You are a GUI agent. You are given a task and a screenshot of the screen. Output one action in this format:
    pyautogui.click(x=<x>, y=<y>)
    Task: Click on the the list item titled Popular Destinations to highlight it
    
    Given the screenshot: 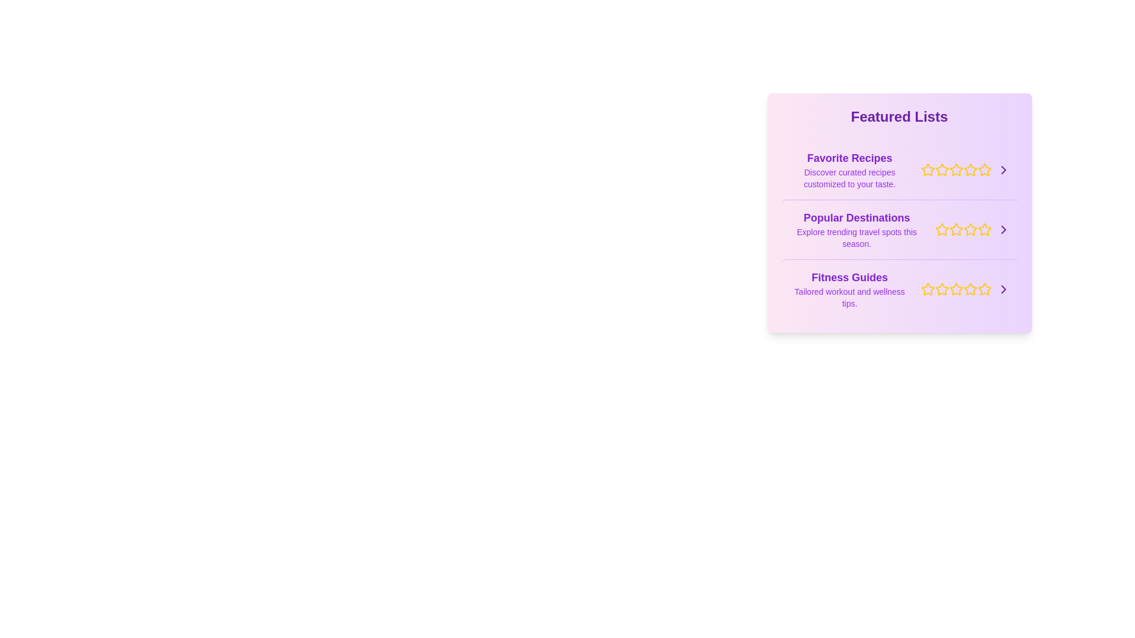 What is the action you would take?
    pyautogui.click(x=899, y=229)
    